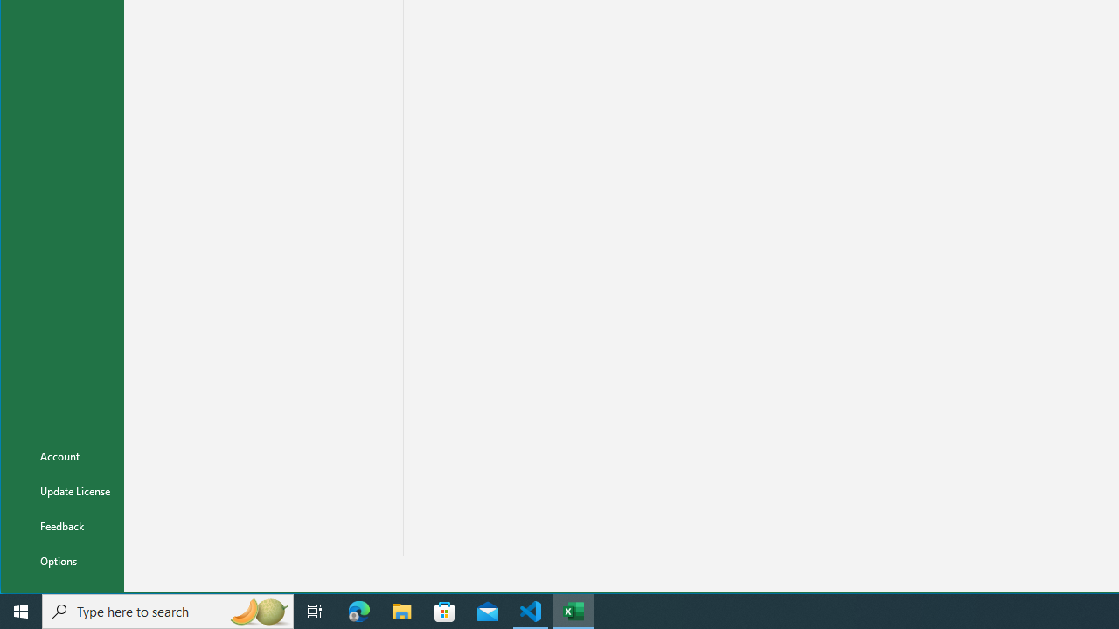 This screenshot has height=629, width=1119. I want to click on 'File Explorer', so click(401, 610).